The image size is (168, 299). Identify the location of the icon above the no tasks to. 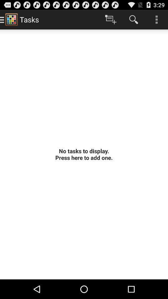
(110, 19).